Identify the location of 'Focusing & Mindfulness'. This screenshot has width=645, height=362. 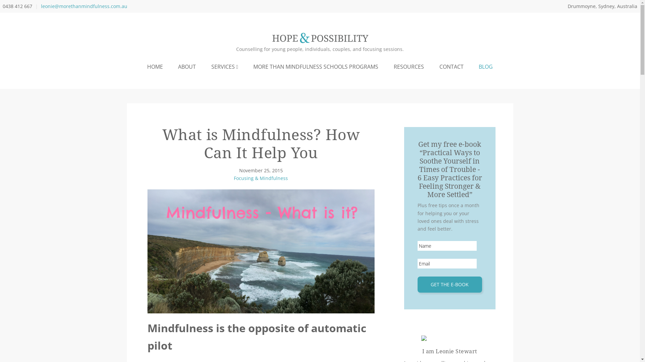
(260, 178).